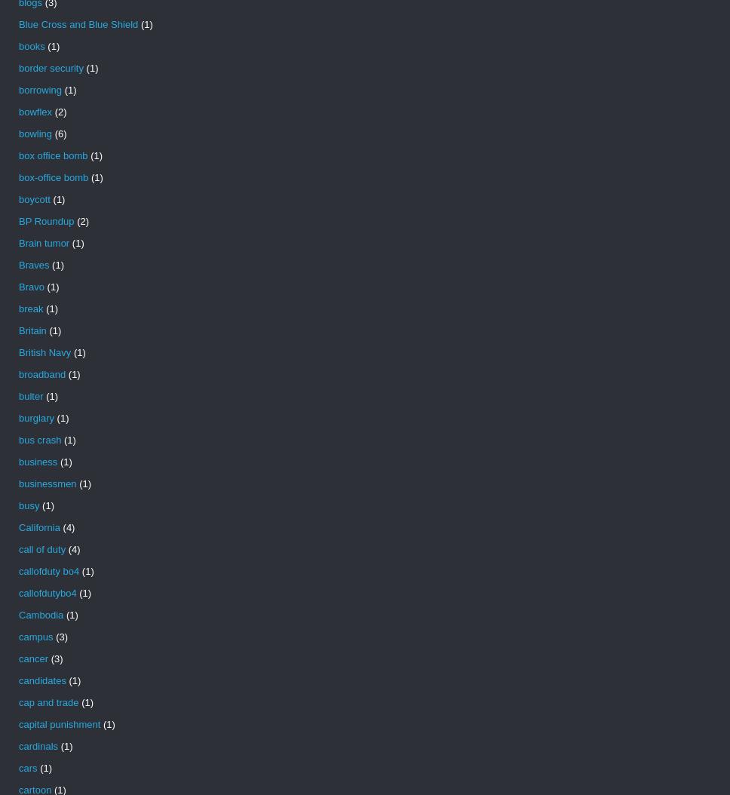 The height and width of the screenshot is (795, 730). I want to click on 'Cambodia', so click(40, 614).